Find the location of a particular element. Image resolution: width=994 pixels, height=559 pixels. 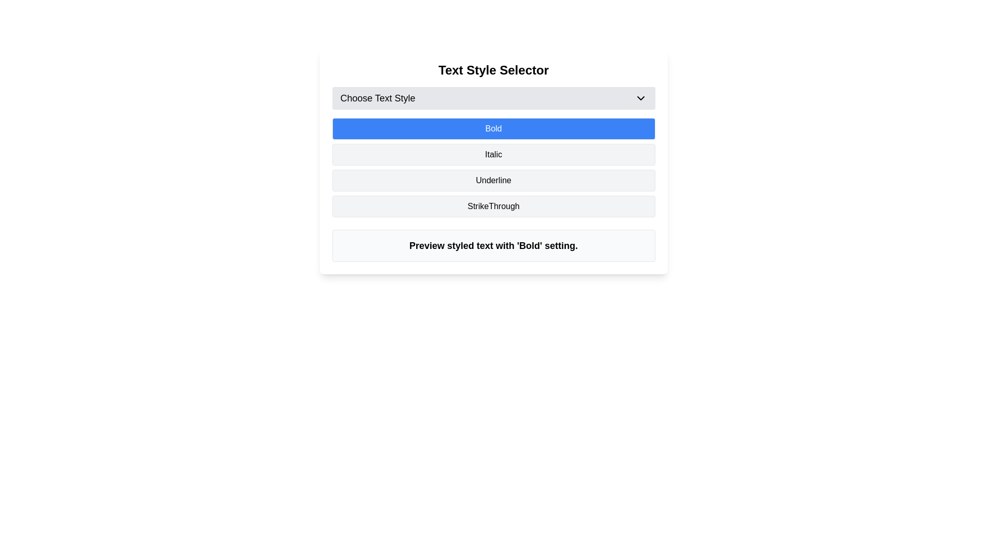

the 'Italic' button to visualize its hover effect, which changes the background to blue with white text is located at coordinates (493, 155).